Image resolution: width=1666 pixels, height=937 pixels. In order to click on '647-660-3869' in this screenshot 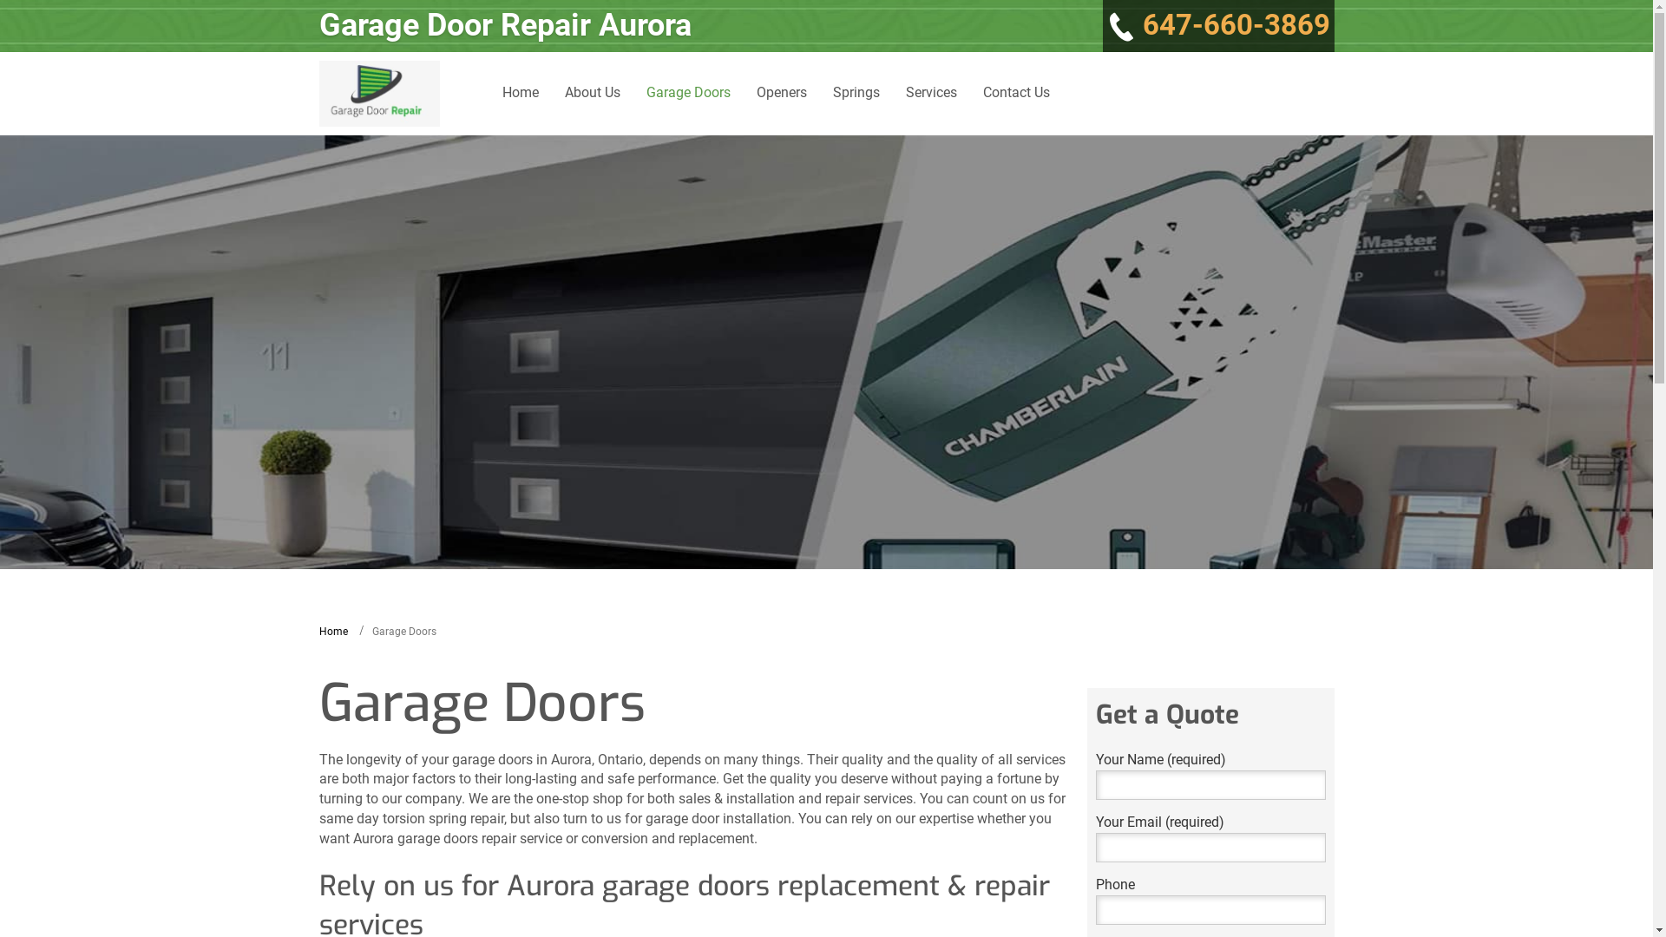, I will do `click(1217, 26)`.